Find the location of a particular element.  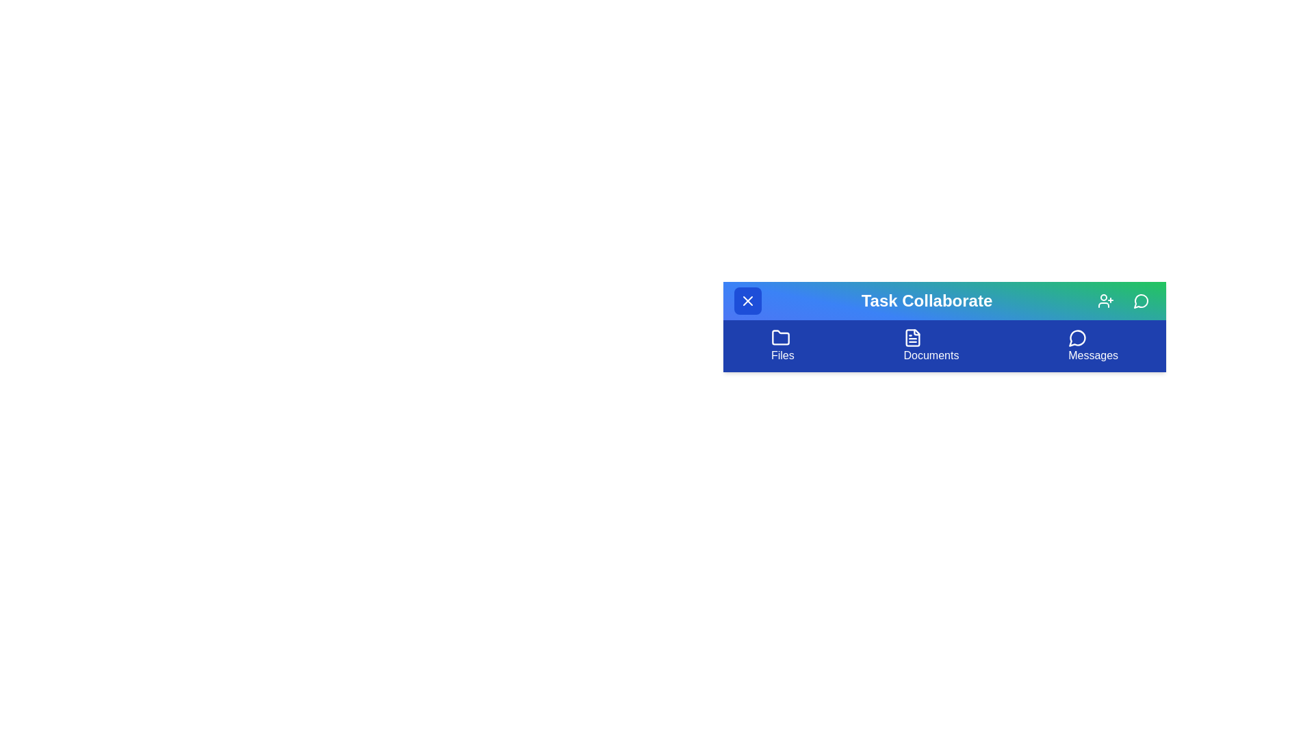

'Add User' button located at its center is located at coordinates (1106, 300).